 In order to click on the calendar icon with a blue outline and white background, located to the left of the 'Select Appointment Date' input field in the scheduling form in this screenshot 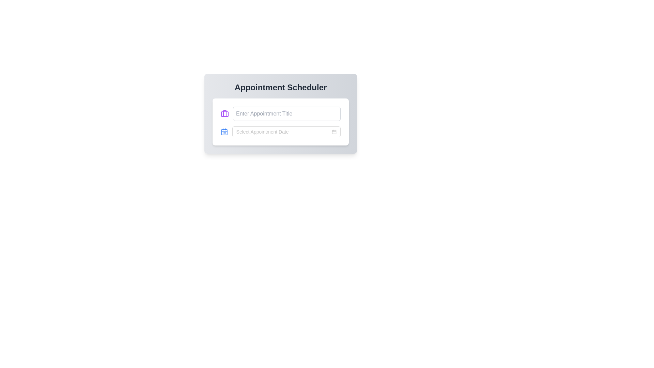, I will do `click(224, 132)`.